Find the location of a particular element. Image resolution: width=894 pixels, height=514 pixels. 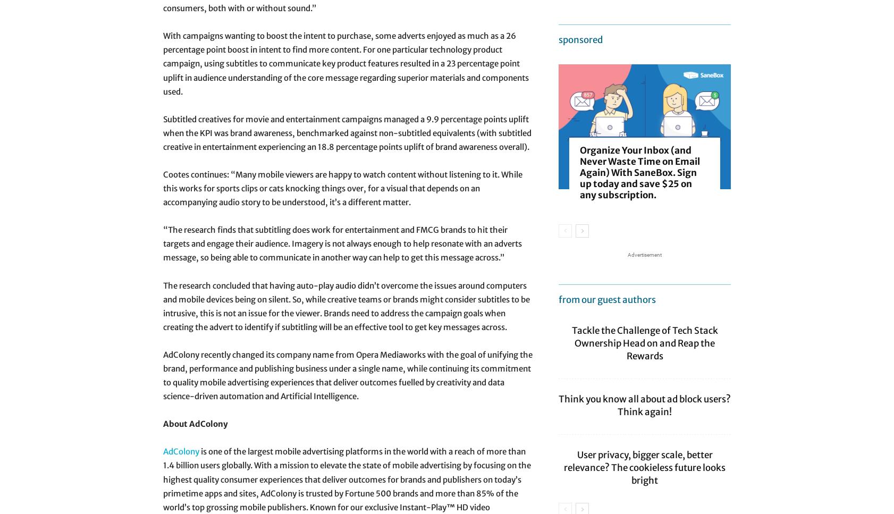

'Organize Your Inbox (and Never Waste Time on Email Again) With SaneBox. Sign up today and save $25 on any subscription.' is located at coordinates (639, 173).